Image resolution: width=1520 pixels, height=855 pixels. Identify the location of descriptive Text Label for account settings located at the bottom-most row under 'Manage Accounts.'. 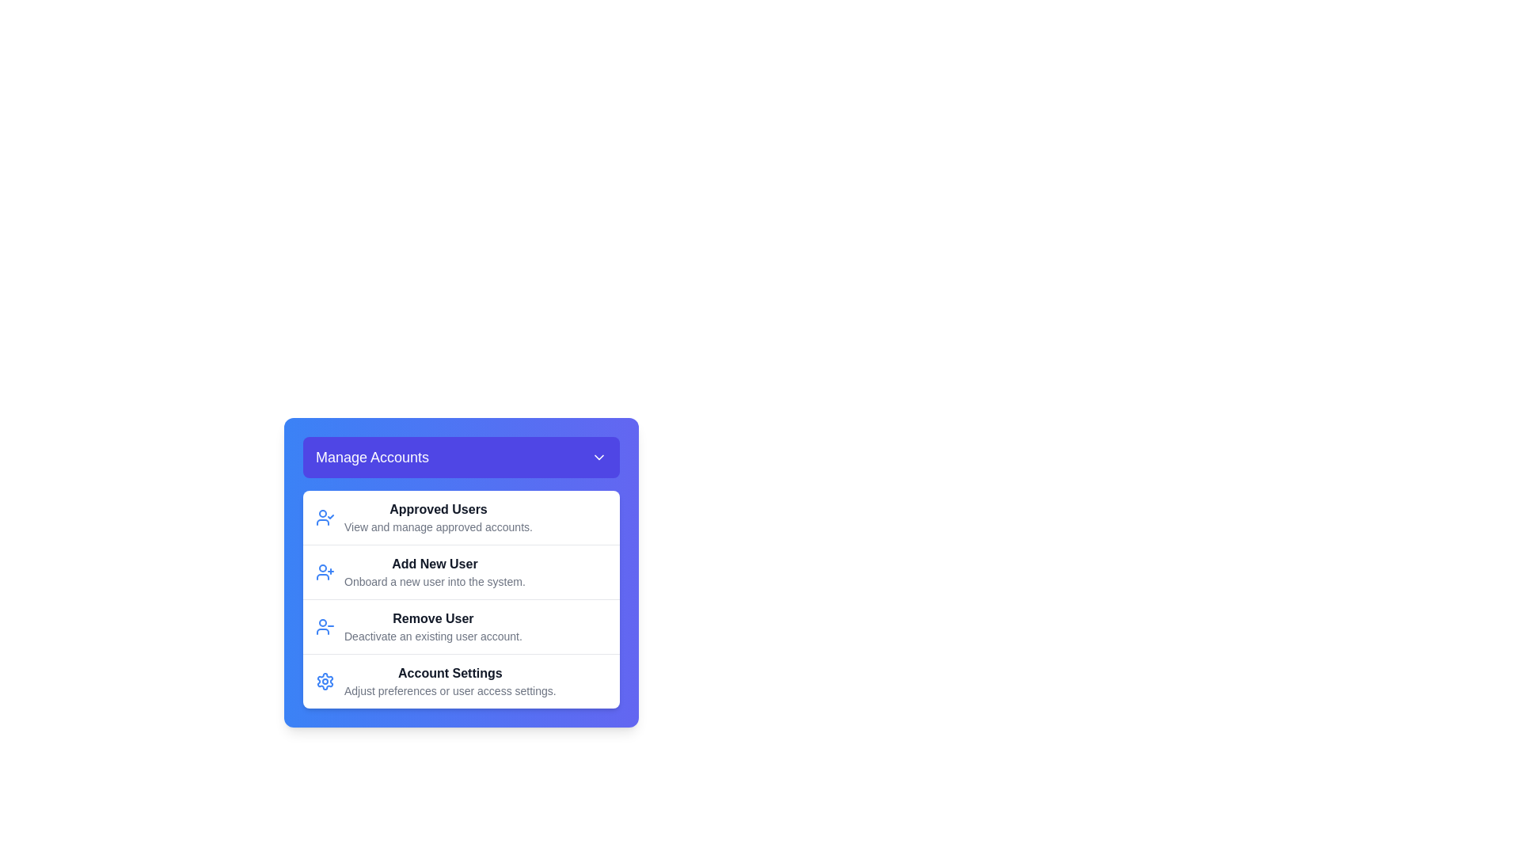
(449, 680).